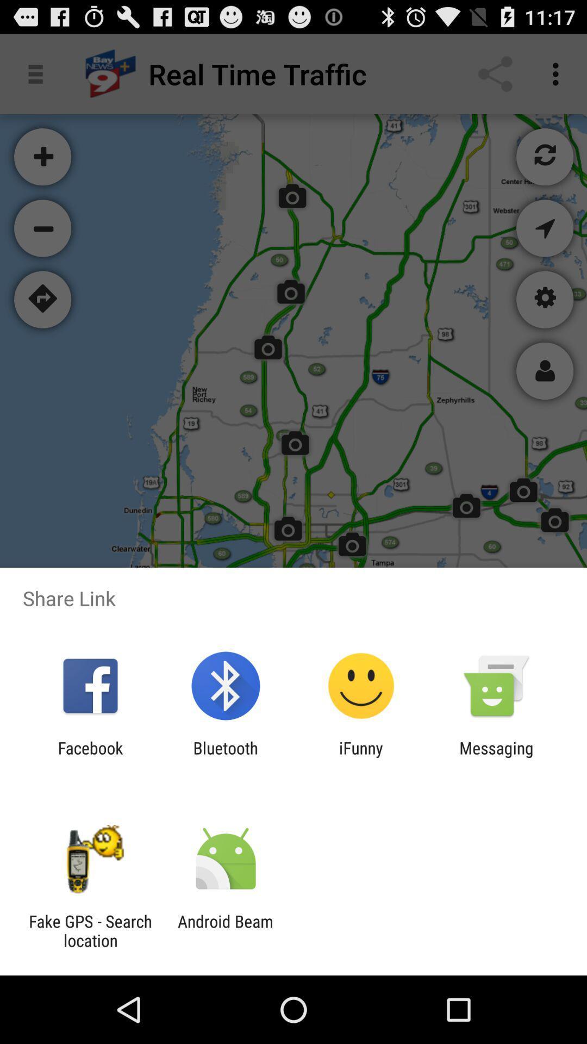 This screenshot has width=587, height=1044. Describe the element at coordinates (90, 757) in the screenshot. I see `icon next to bluetooth item` at that location.